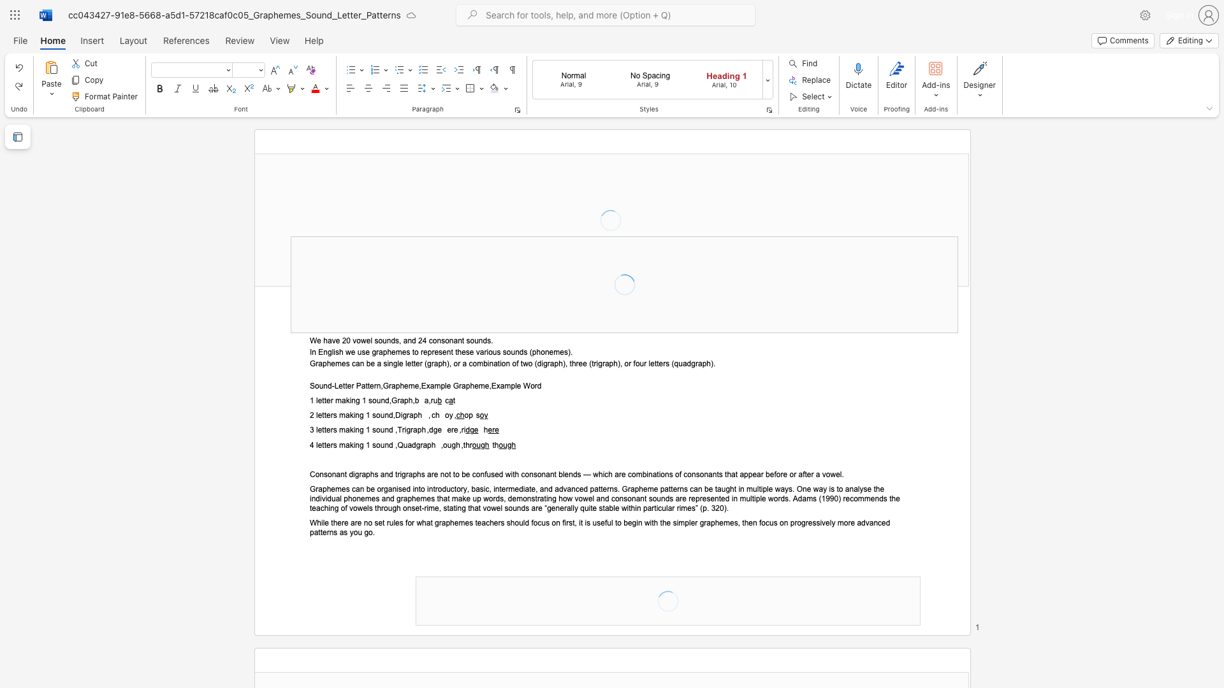 The image size is (1224, 688). I want to click on the space between the continuous character "L" and "e" in the text, so click(339, 385).